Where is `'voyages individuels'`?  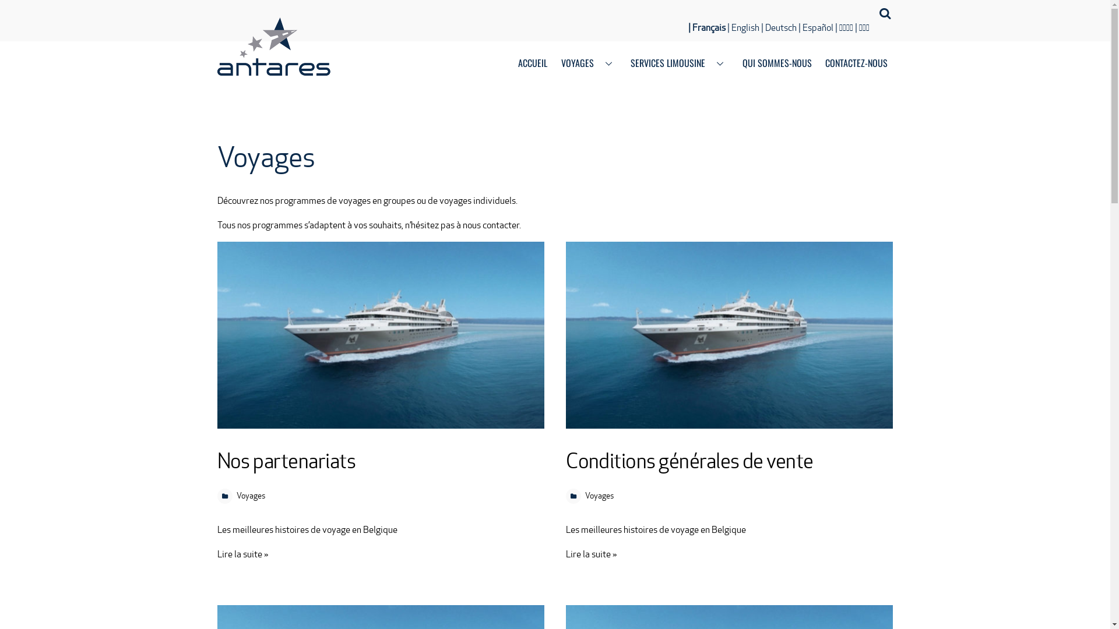 'voyages individuels' is located at coordinates (477, 200).